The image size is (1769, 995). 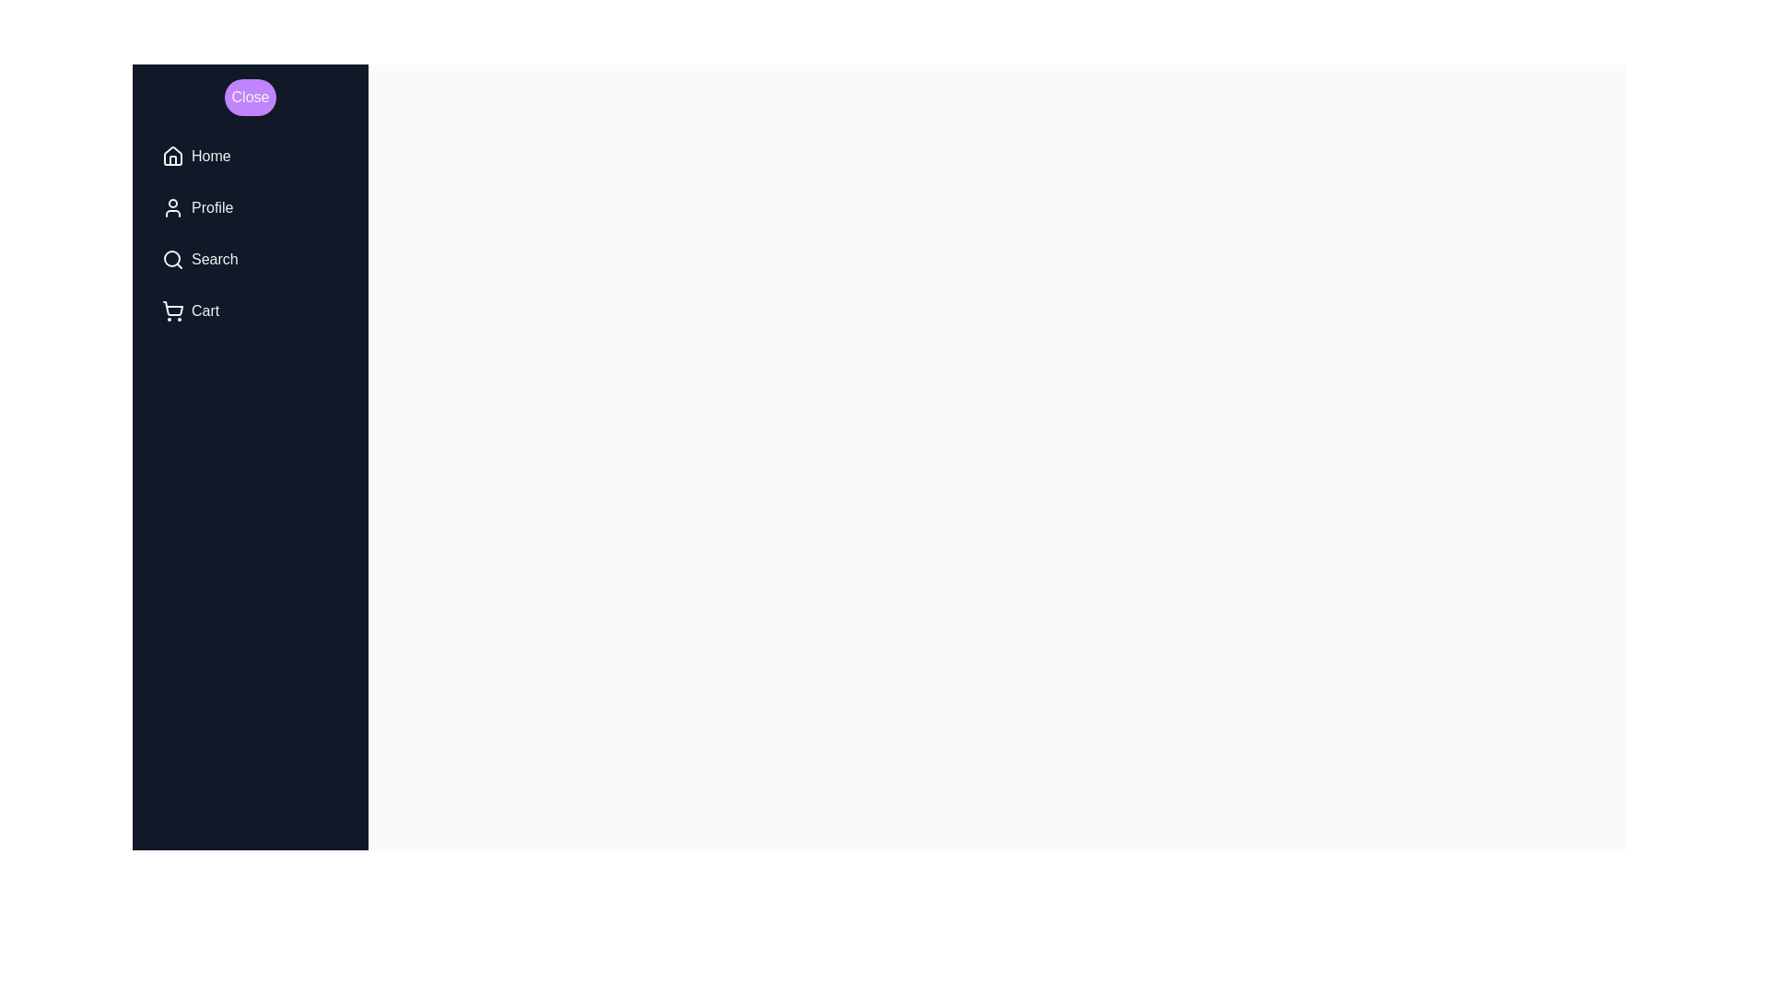 What do you see at coordinates (250, 207) in the screenshot?
I see `the menu item Profile to highlight it` at bounding box center [250, 207].